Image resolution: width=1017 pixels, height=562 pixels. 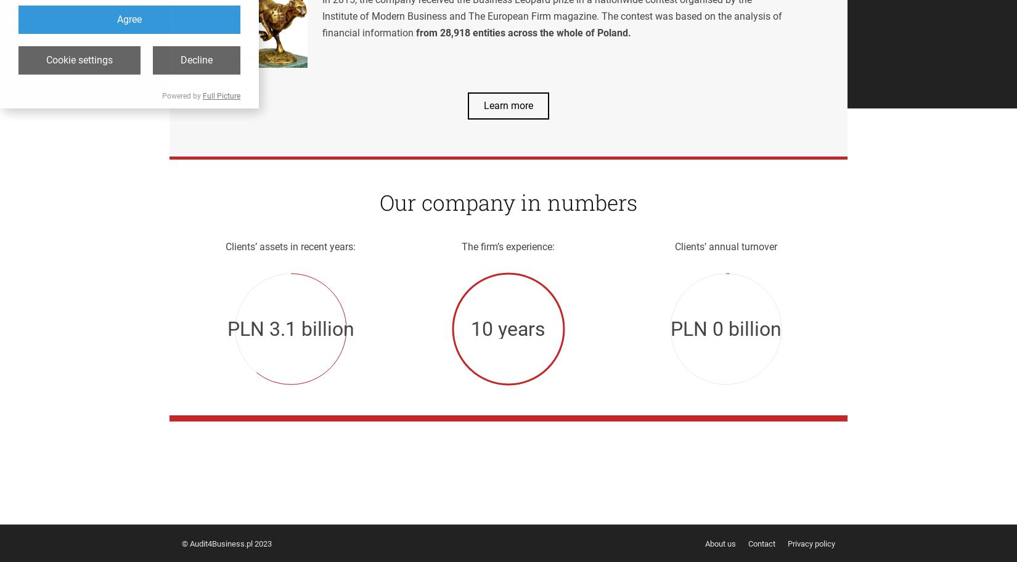 What do you see at coordinates (568, 454) in the screenshot?
I see `'e-mail:'` at bounding box center [568, 454].